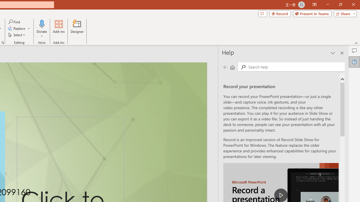 The image size is (360, 202). Describe the element at coordinates (77, 29) in the screenshot. I see `'Designer'` at that location.